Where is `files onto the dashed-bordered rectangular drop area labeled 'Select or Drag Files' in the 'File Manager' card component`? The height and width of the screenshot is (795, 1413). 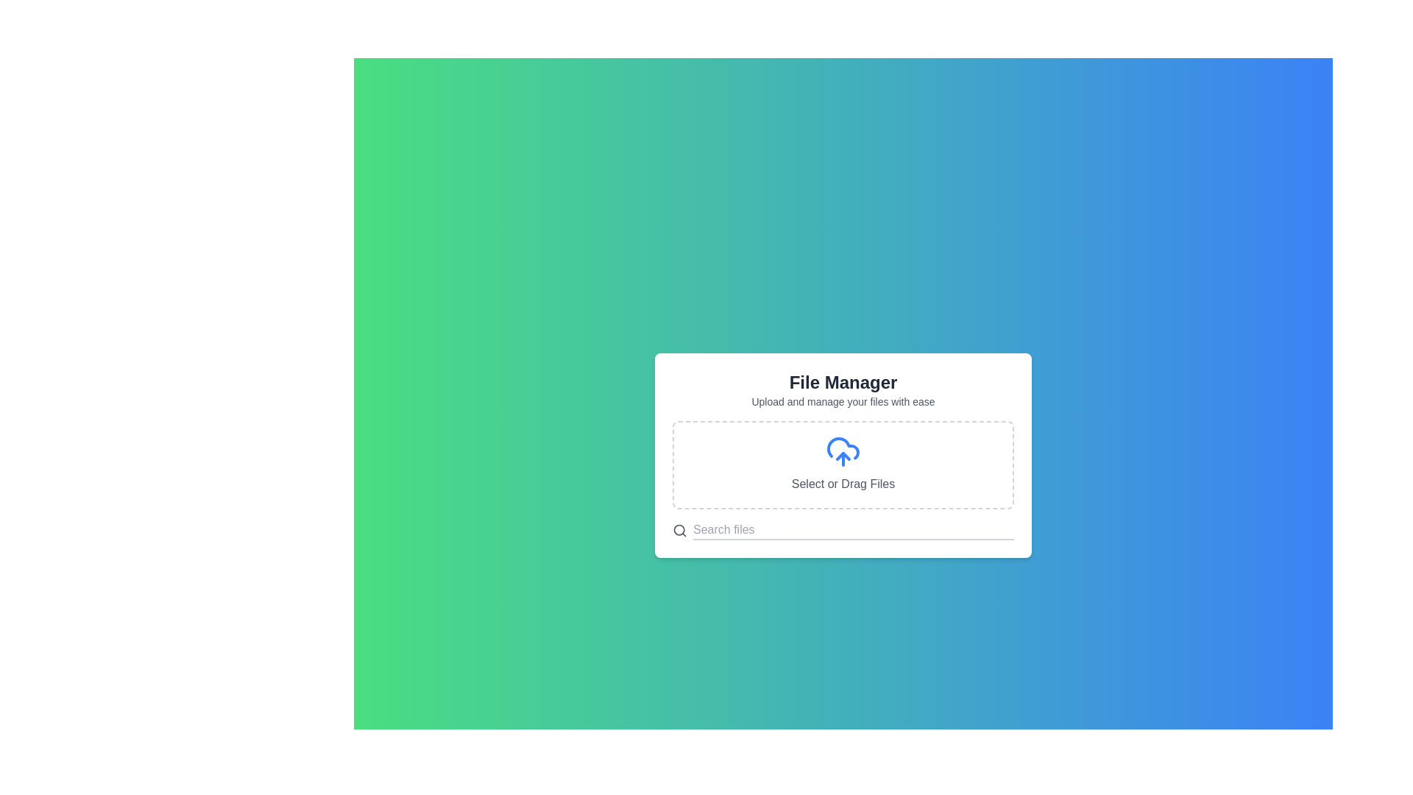
files onto the dashed-bordered rectangular drop area labeled 'Select or Drag Files' in the 'File Manager' card component is located at coordinates (843, 454).